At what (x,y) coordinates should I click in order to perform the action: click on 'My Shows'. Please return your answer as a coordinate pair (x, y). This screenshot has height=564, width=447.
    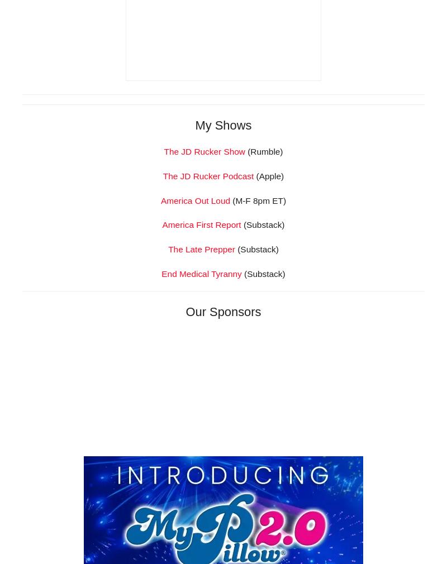
    Looking at the image, I should click on (222, 281).